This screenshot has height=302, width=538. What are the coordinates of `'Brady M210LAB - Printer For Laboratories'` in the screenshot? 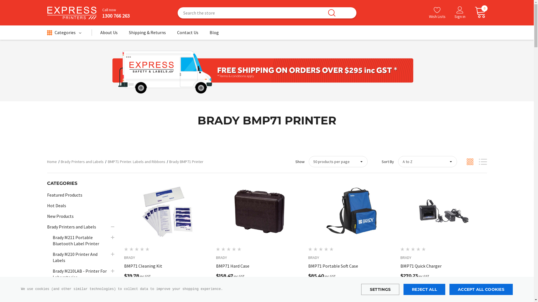 It's located at (80, 273).